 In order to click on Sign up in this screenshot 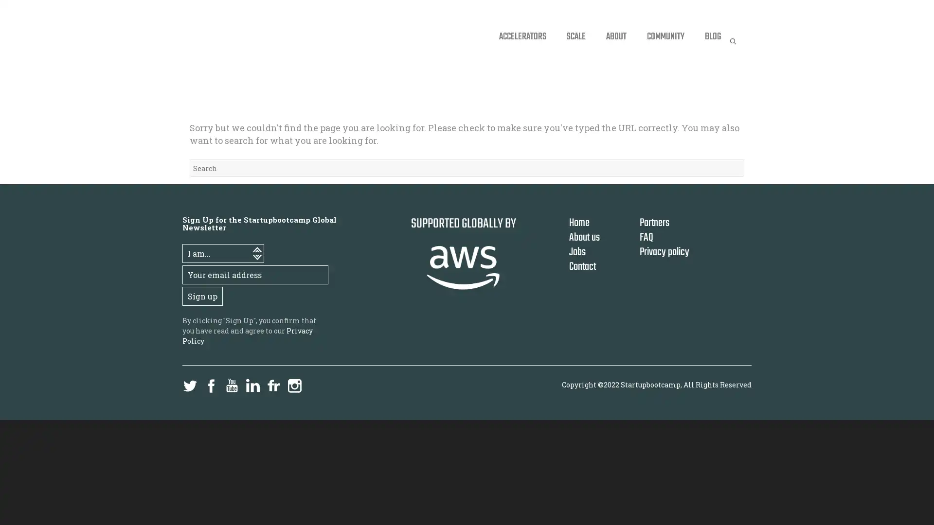, I will do `click(202, 296)`.